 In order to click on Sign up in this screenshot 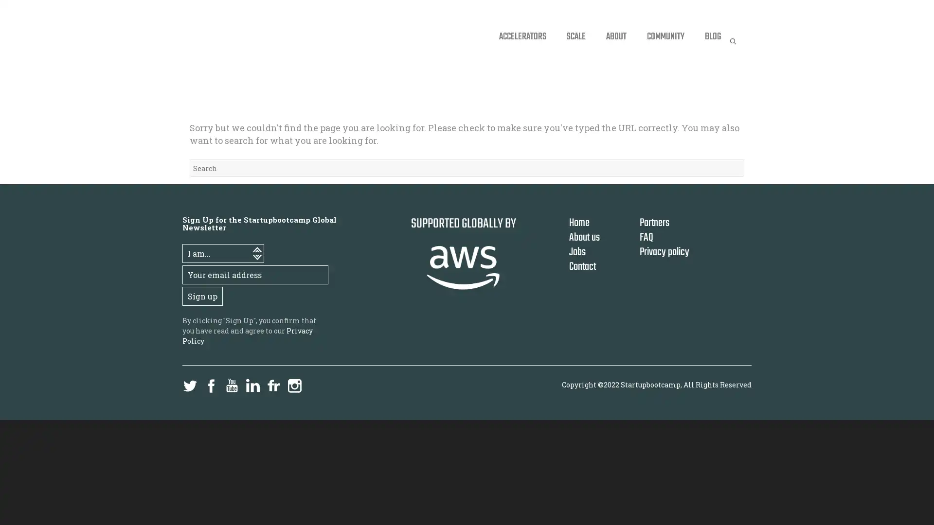, I will do `click(202, 296)`.